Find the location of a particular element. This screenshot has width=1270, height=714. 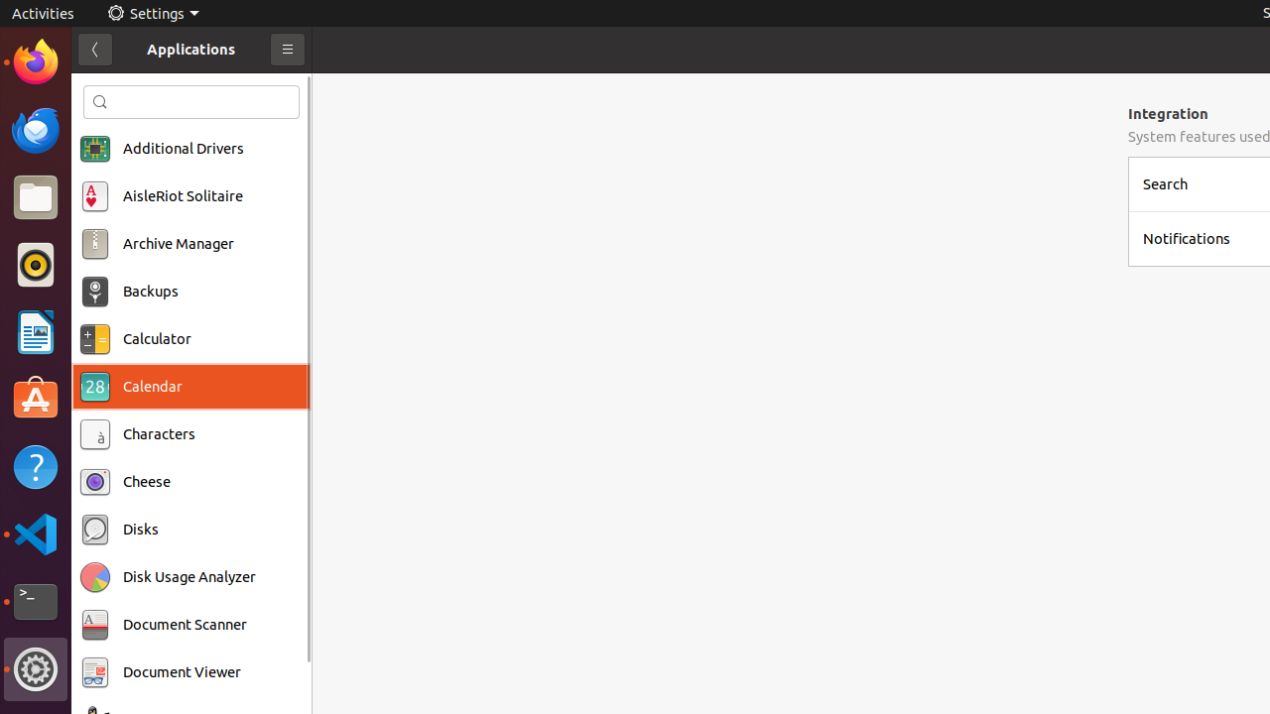

'Calculator' is located at coordinates (156, 338).